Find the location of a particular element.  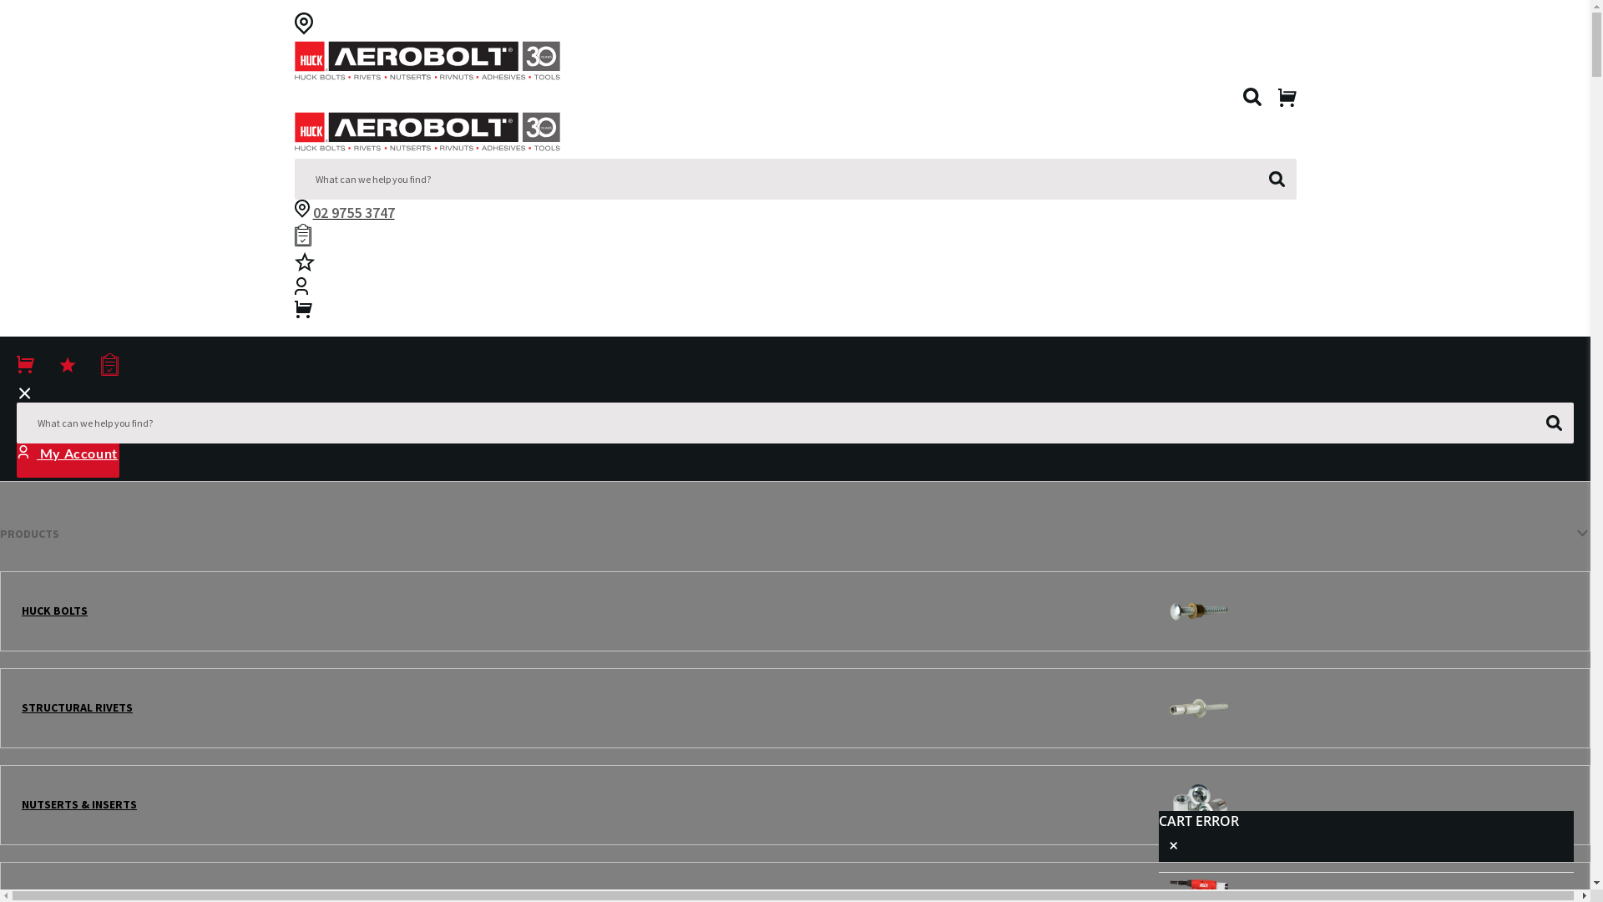

'Huck Aerobolt' is located at coordinates (426, 63).